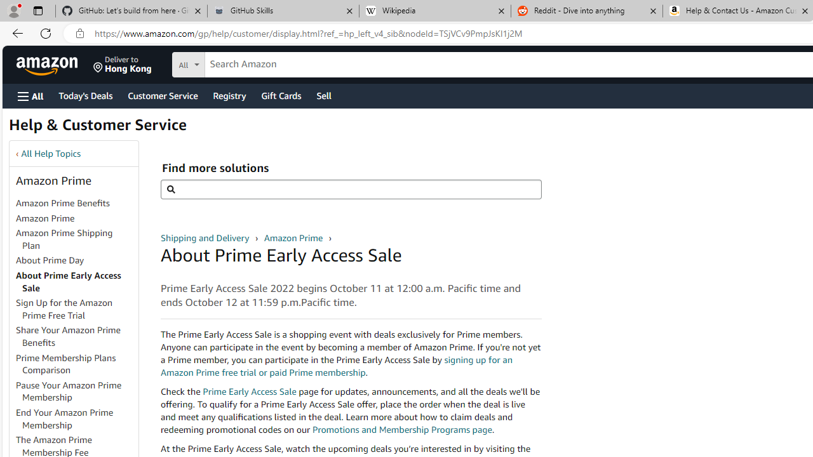 The image size is (813, 457). What do you see at coordinates (351, 189) in the screenshot?
I see `'Find more solutions'` at bounding box center [351, 189].